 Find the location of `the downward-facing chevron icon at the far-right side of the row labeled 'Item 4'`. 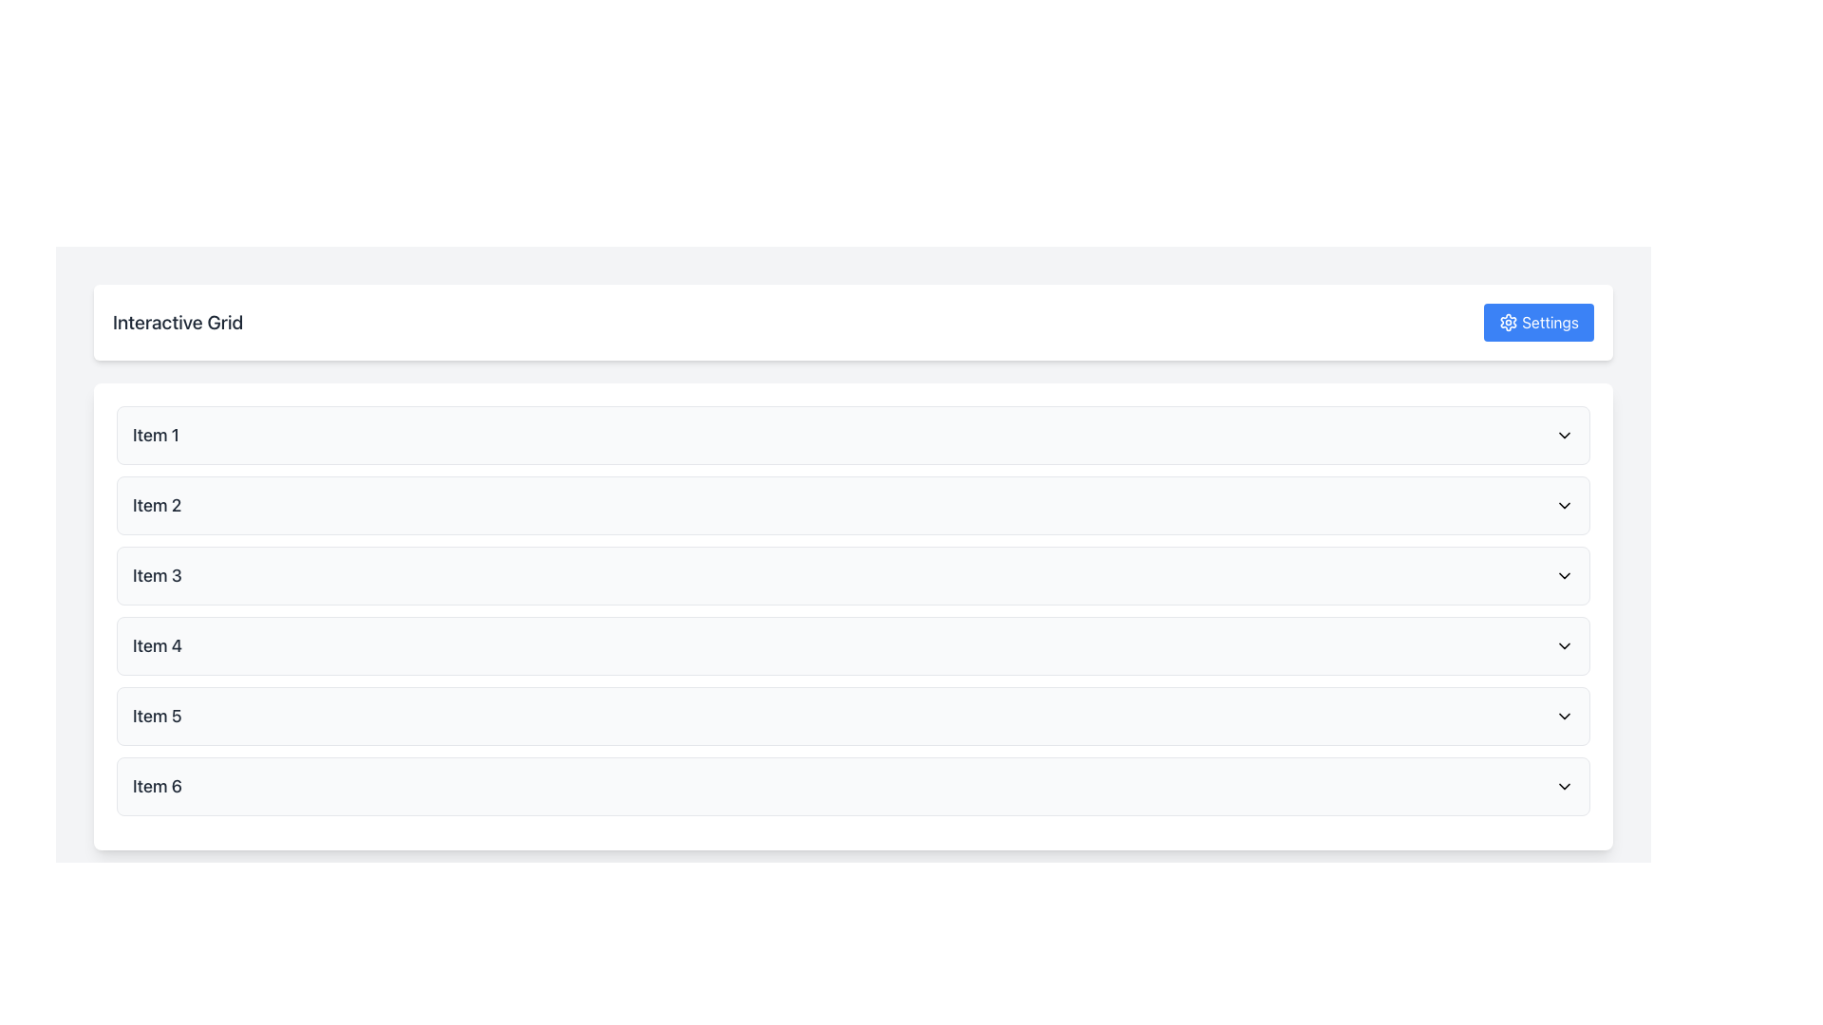

the downward-facing chevron icon at the far-right side of the row labeled 'Item 4' is located at coordinates (1564, 645).